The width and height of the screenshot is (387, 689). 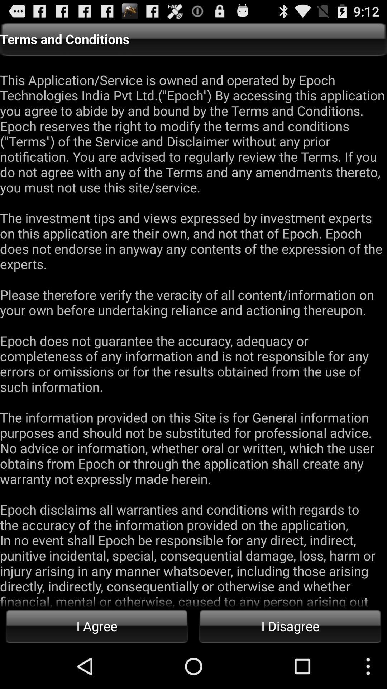 I want to click on the  i disagree  at the bottom right corner, so click(x=290, y=625).